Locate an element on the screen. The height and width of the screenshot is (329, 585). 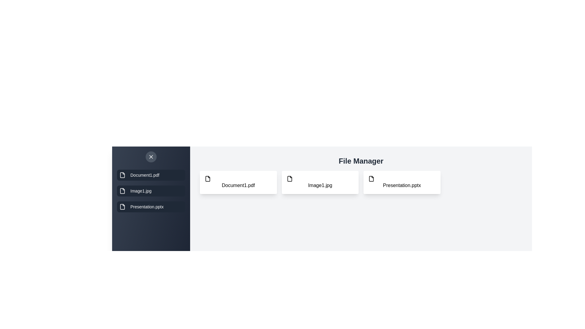
the file Document1.pdf from the drawer list is located at coordinates (151, 175).